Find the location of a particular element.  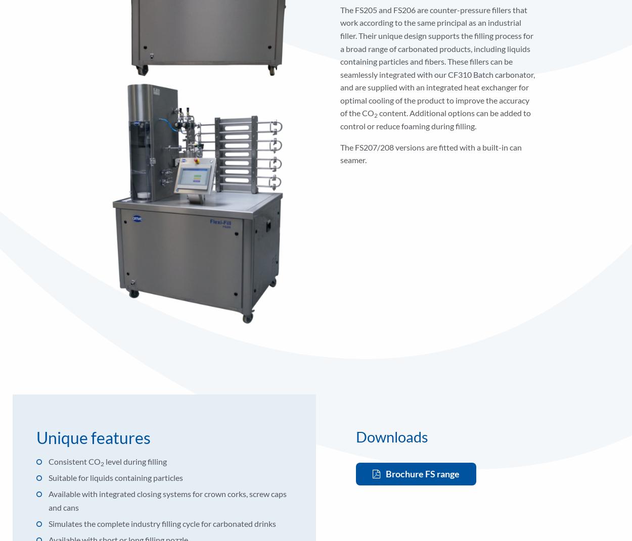

'content. Additional options can be added to control or reduce foaming during filling.' is located at coordinates (434, 119).